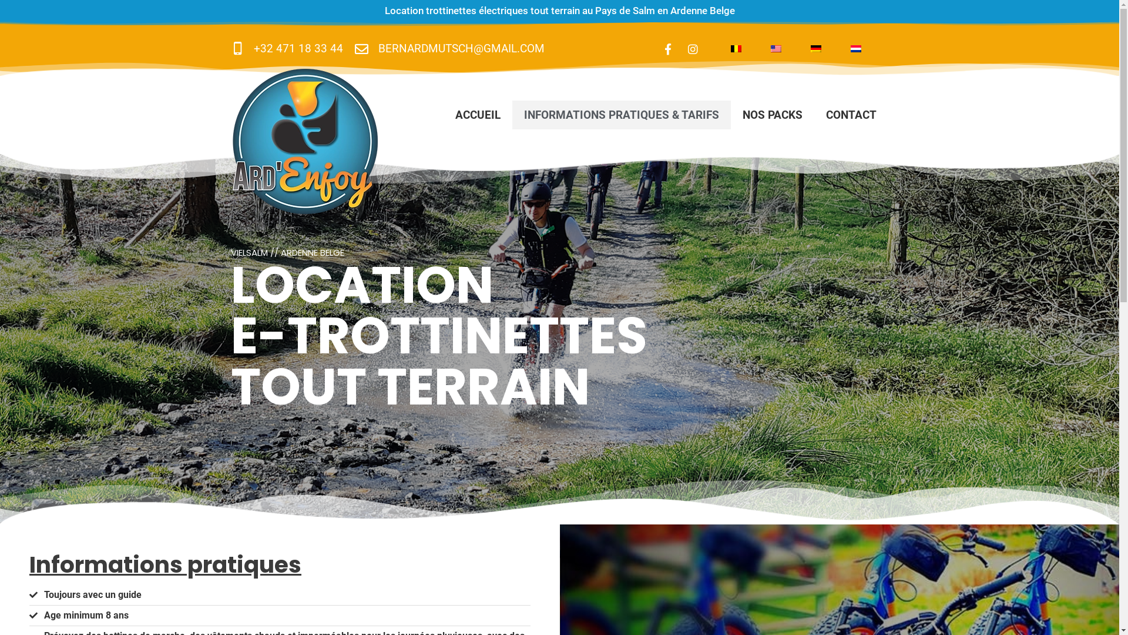 The image size is (1128, 635). I want to click on 'Dutch', so click(856, 48).